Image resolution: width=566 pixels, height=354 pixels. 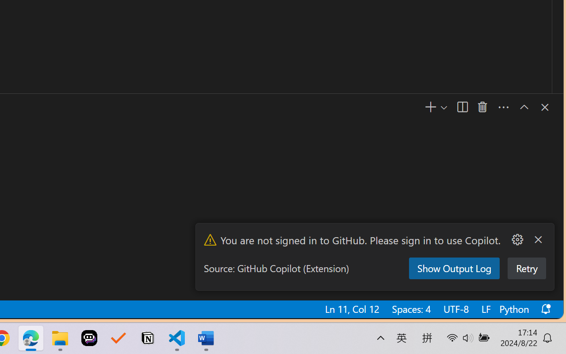 I want to click on 'UTF-8', so click(x=455, y=309).